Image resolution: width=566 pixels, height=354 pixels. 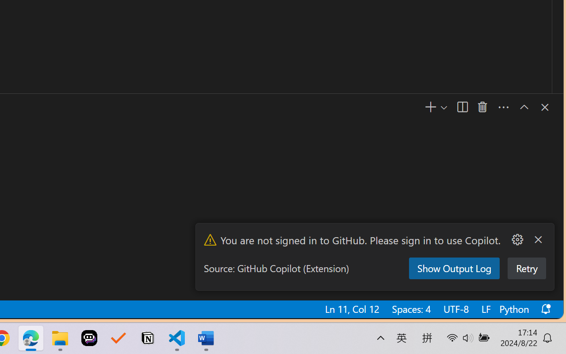 I want to click on 'UTF-8', so click(x=455, y=309).